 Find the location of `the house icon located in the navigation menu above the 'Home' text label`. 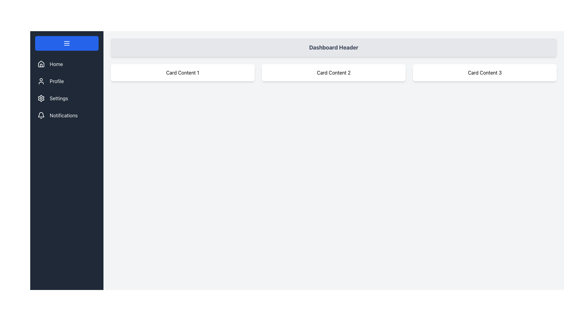

the house icon located in the navigation menu above the 'Home' text label is located at coordinates (41, 64).